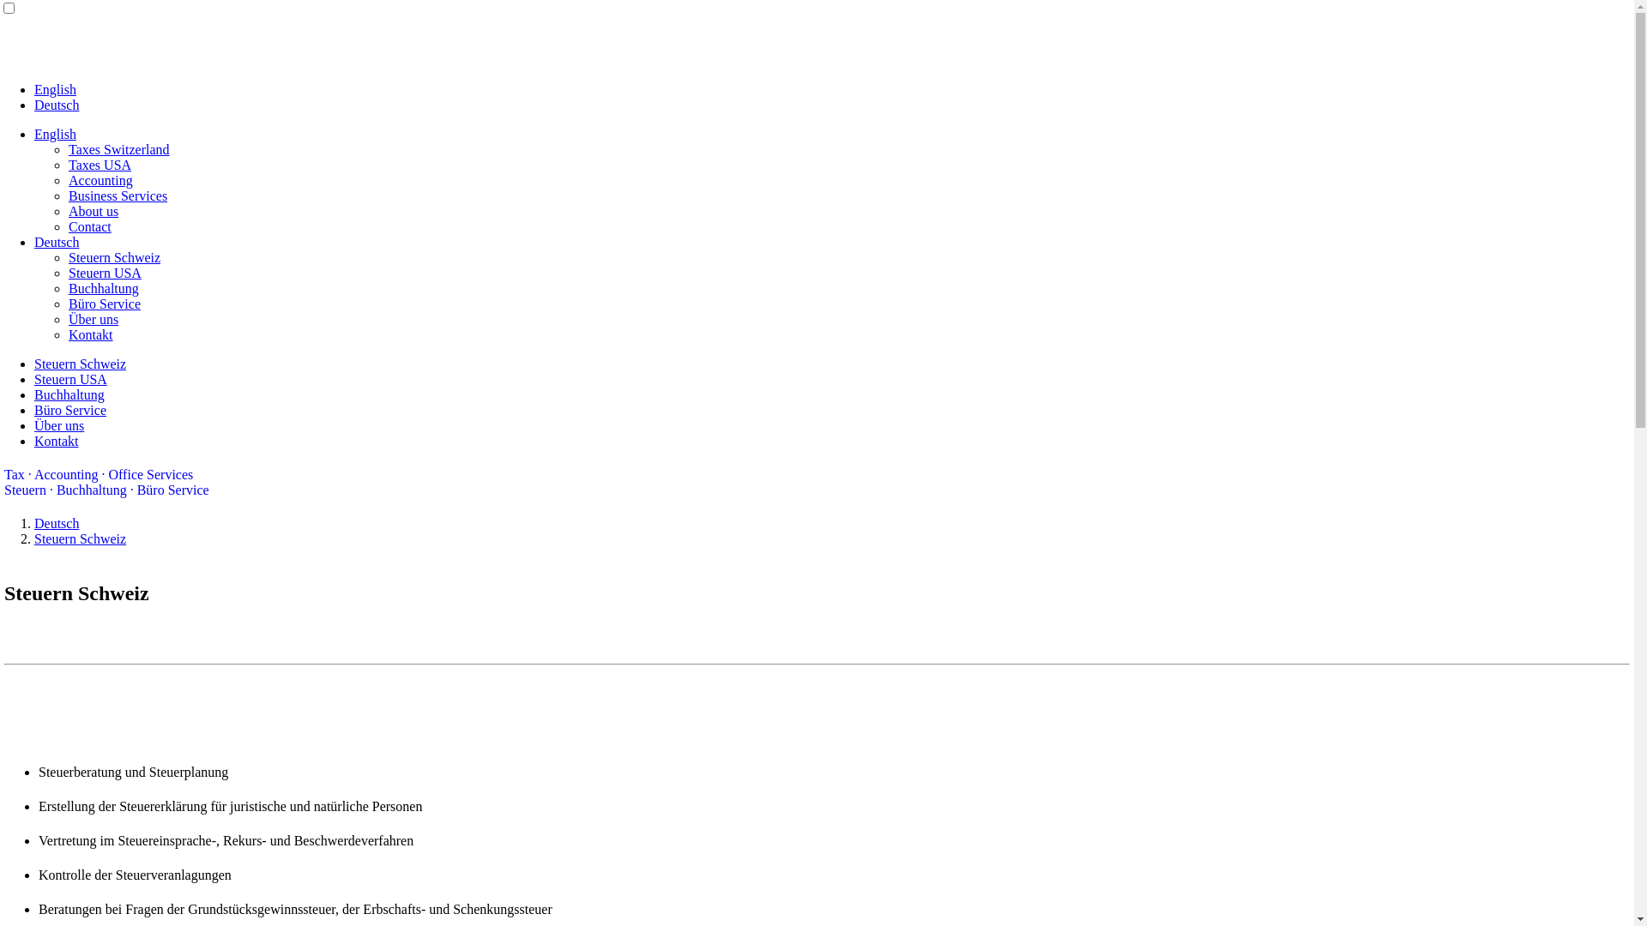 This screenshot has width=1647, height=926. What do you see at coordinates (69, 225) in the screenshot?
I see `'Contact'` at bounding box center [69, 225].